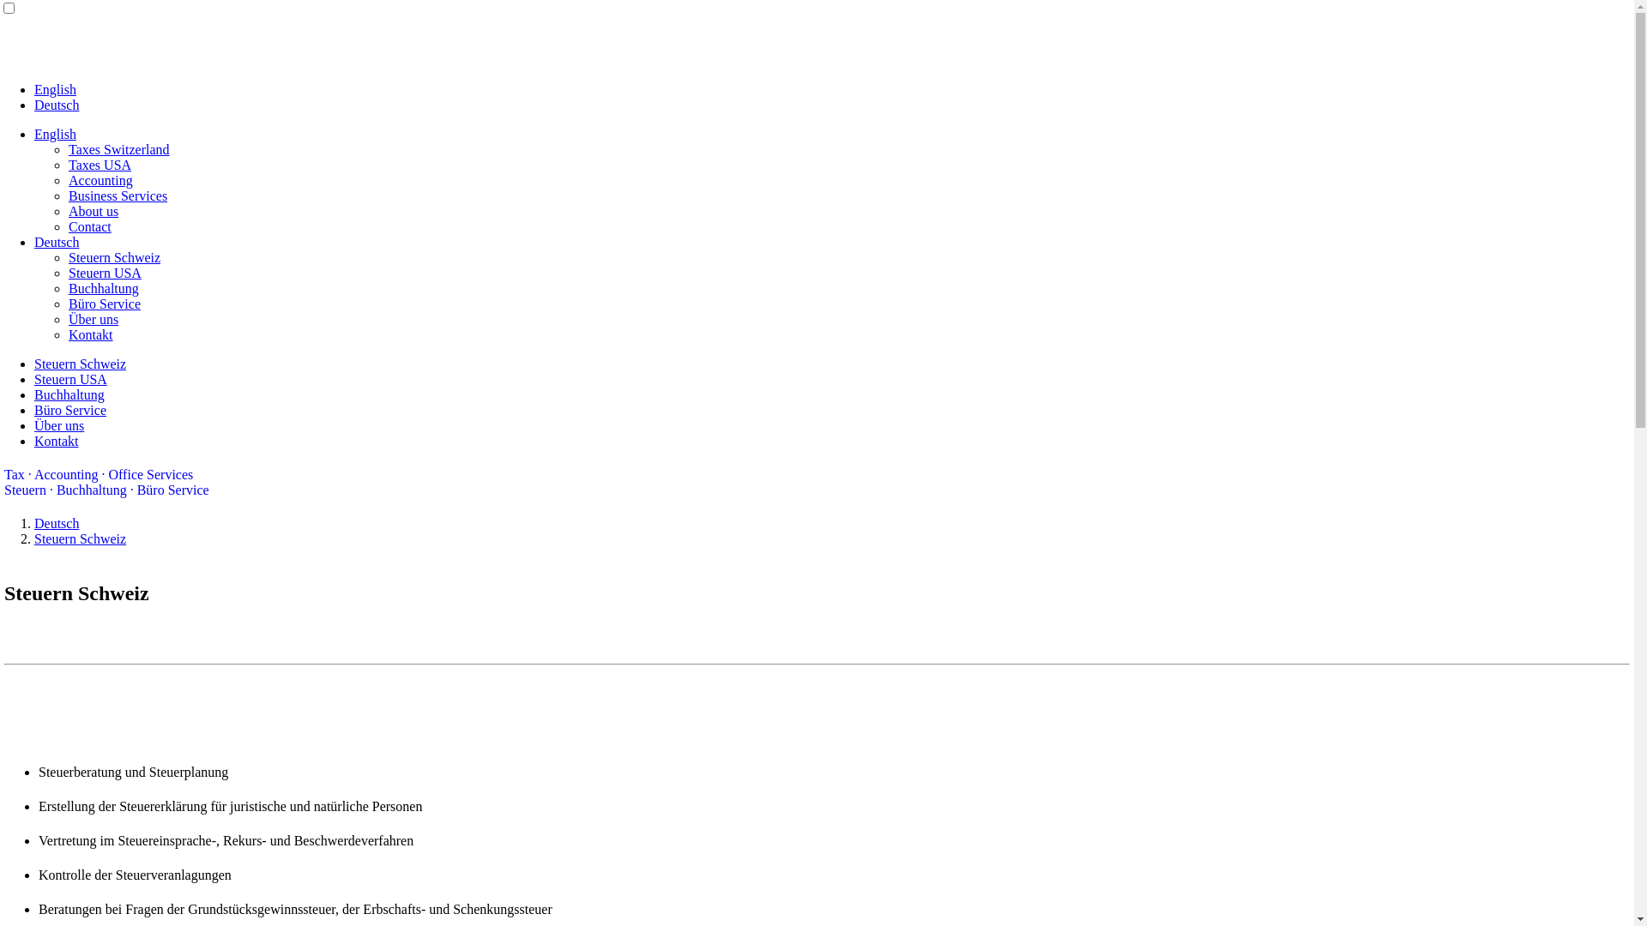 This screenshot has width=1647, height=926. What do you see at coordinates (69, 225) in the screenshot?
I see `'Contact'` at bounding box center [69, 225].